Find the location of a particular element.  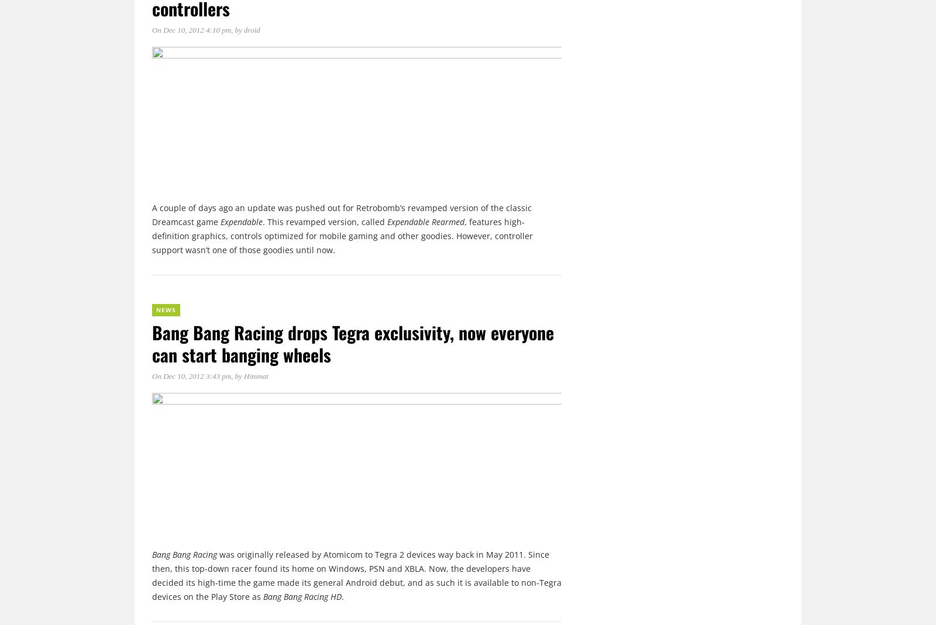

'News' is located at coordinates (166, 309).